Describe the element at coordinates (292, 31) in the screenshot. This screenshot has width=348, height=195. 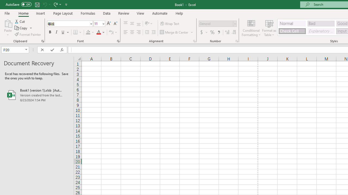
I see `'Check Cell'` at that location.